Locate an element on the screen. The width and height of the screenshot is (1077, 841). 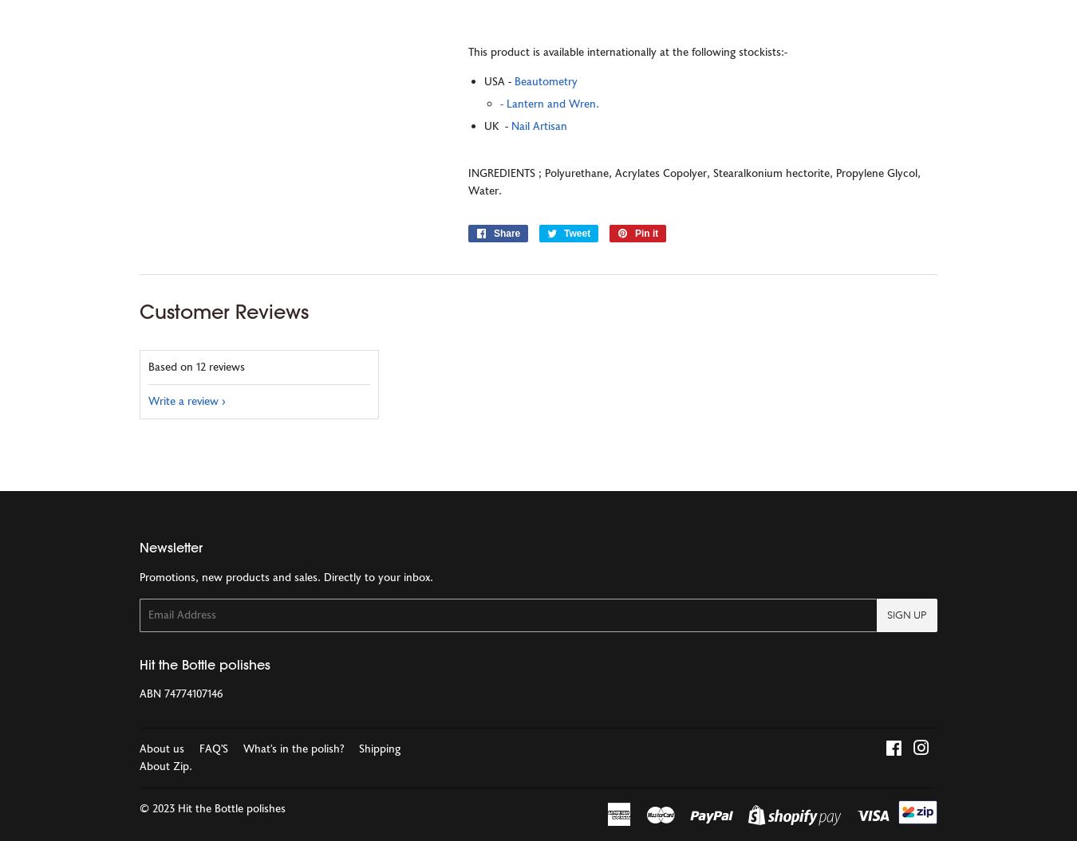
'What's in the polish?' is located at coordinates (294, 748).